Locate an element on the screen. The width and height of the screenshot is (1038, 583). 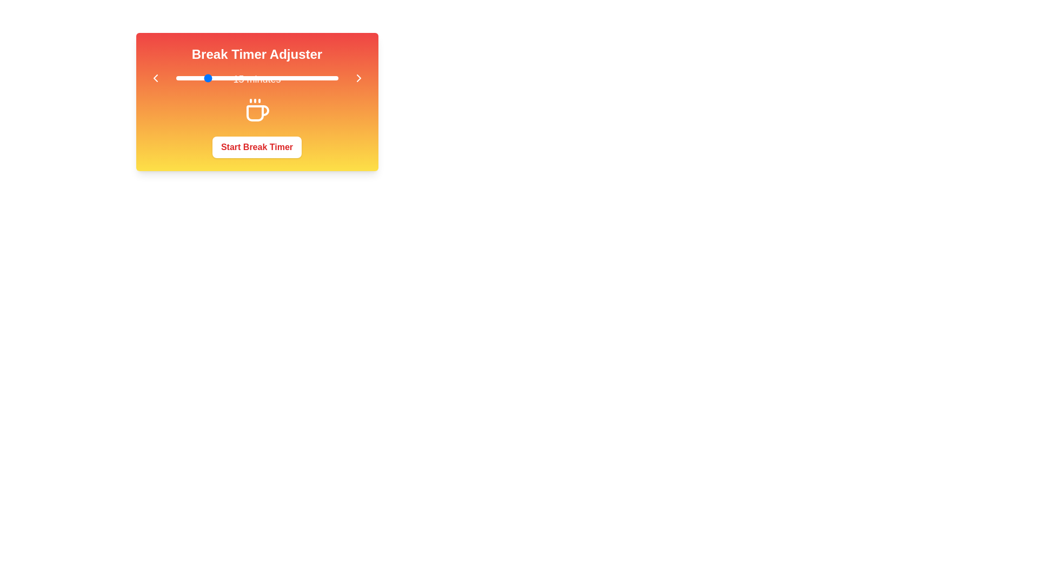
the slider to set the break duration to 21 minutes is located at coordinates (222, 78).